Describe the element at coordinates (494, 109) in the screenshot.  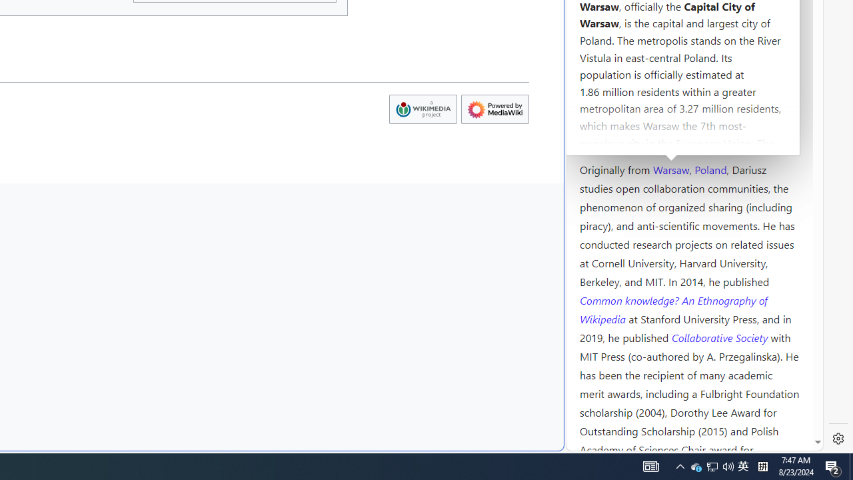
I see `'Powered by MediaWiki'` at that location.